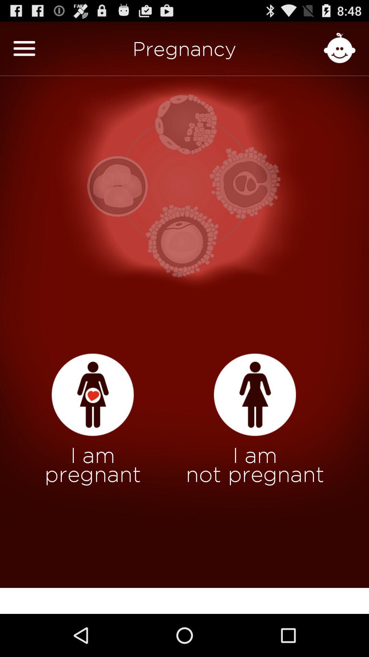 The image size is (369, 657). Describe the element at coordinates (93, 395) in the screenshot. I see `i am pregnant` at that location.